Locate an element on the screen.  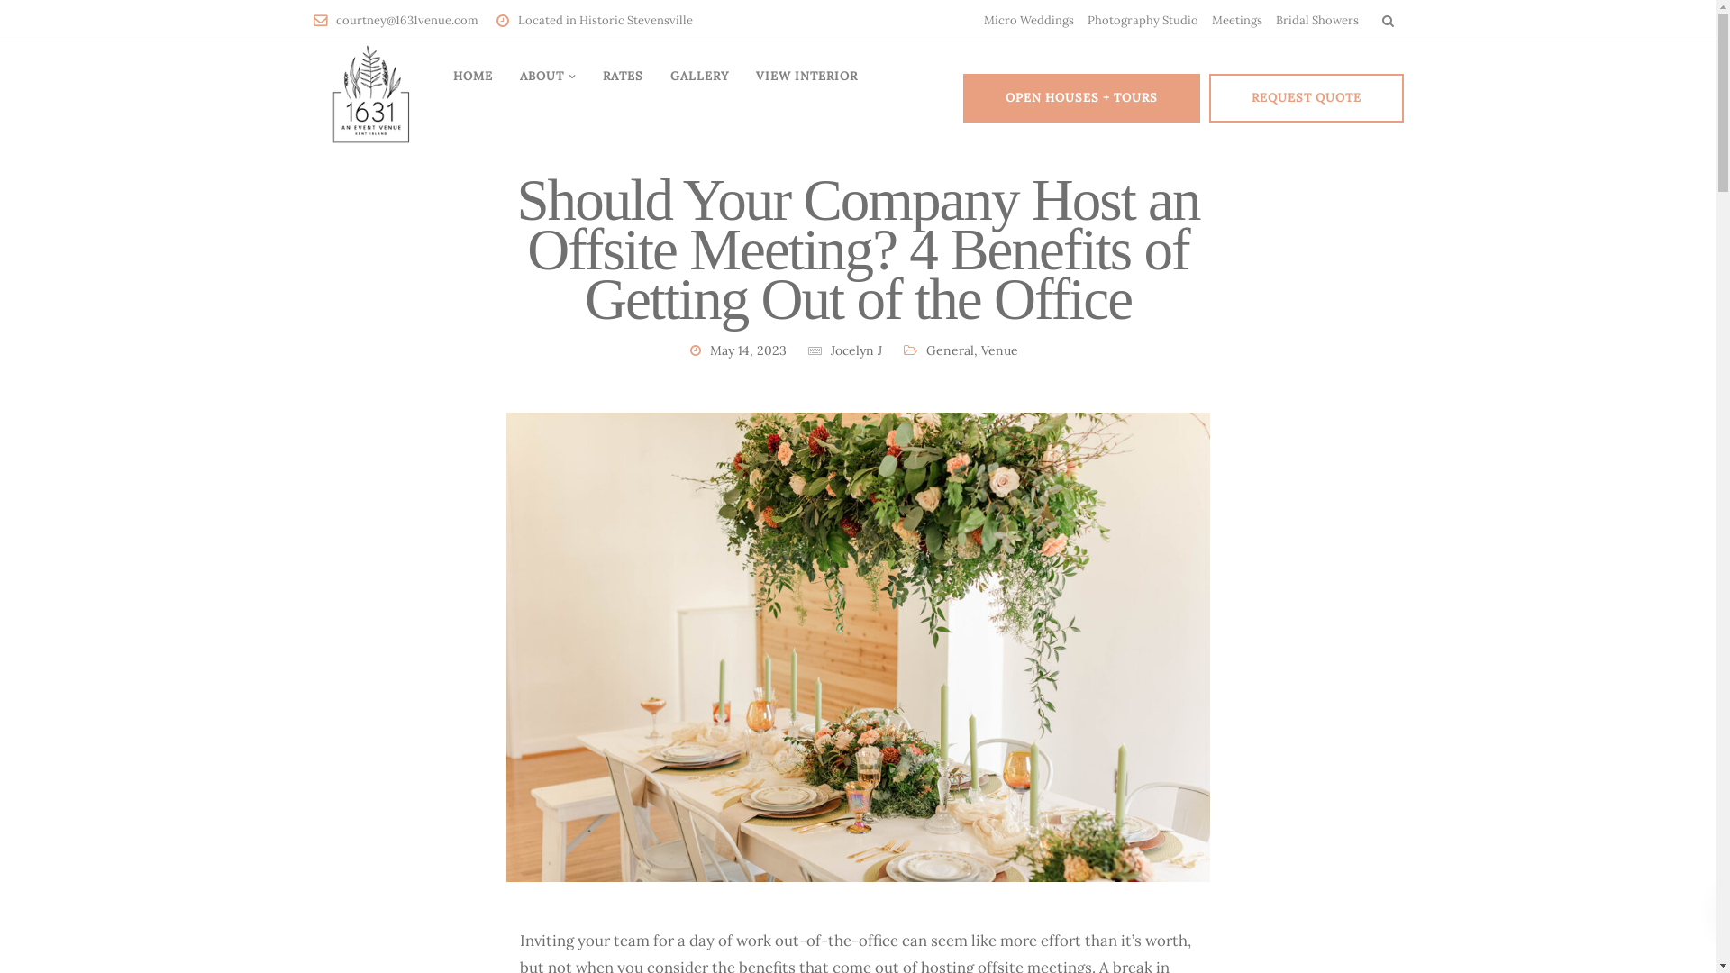
'Photography Studio' is located at coordinates (1141, 20).